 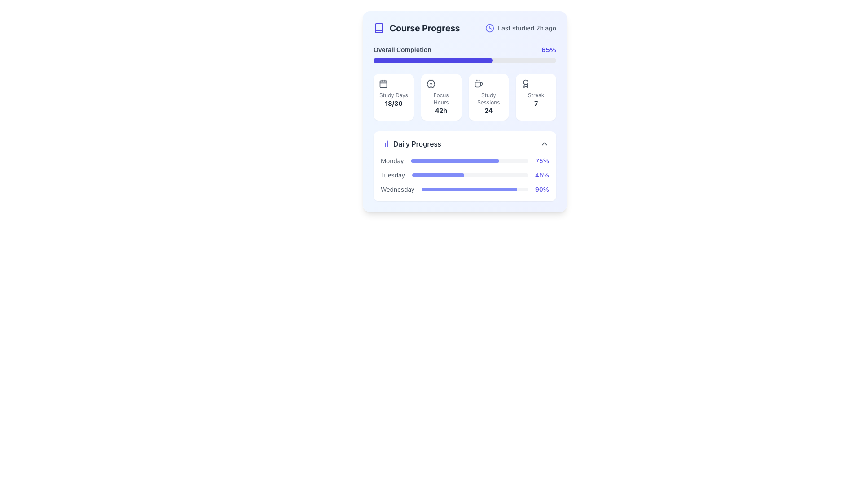 I want to click on the filled segment of the progress bar representing 45% completion, located under the 'Tuesday' label in the 'Daily Progress' section, so click(x=438, y=175).